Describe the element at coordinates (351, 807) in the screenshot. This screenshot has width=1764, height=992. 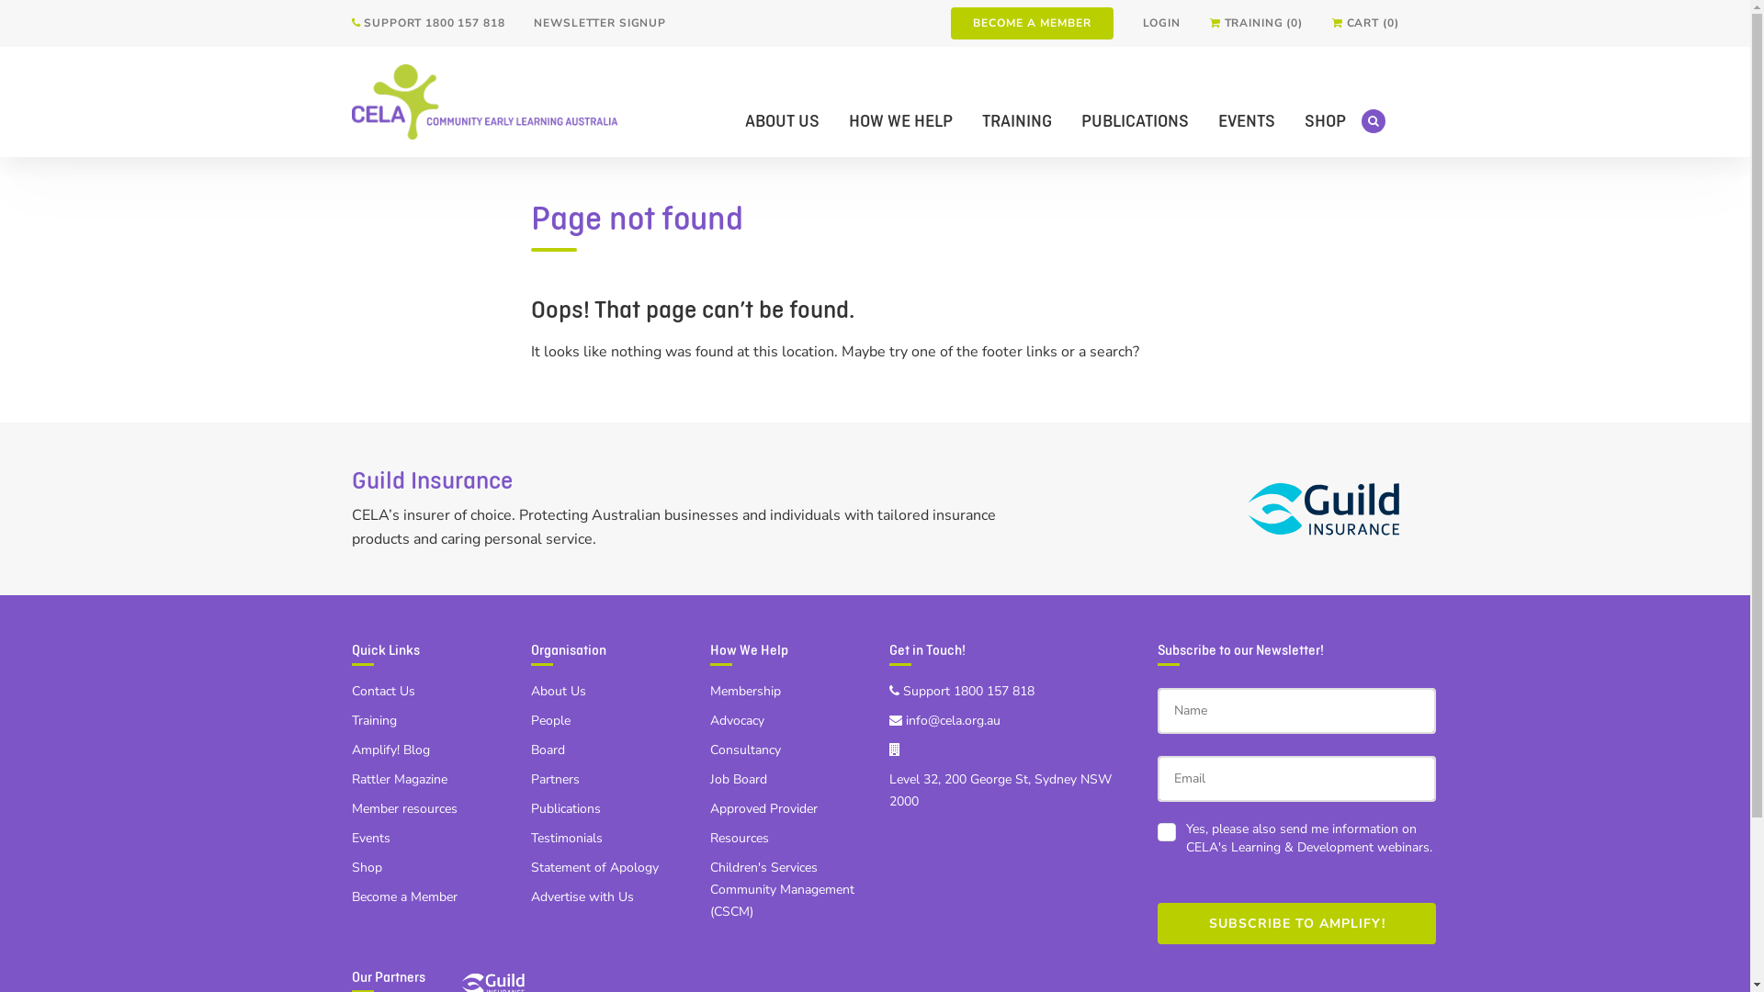
I see `'Member resources'` at that location.